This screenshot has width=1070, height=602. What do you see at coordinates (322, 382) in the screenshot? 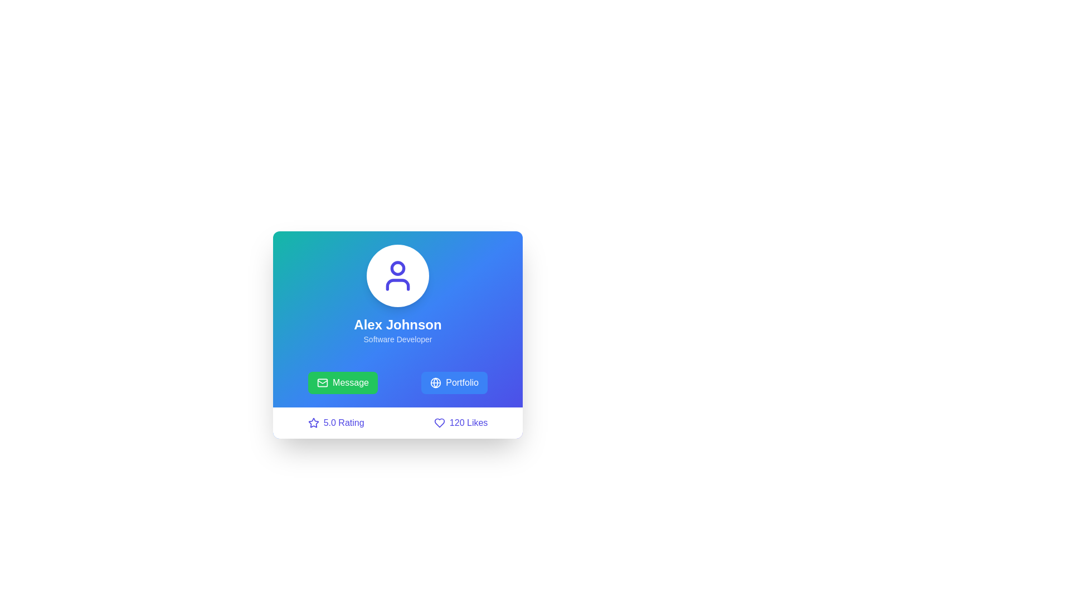
I see `the envelope icon with a green background inside the 'Message' button to initiate a message` at bounding box center [322, 382].